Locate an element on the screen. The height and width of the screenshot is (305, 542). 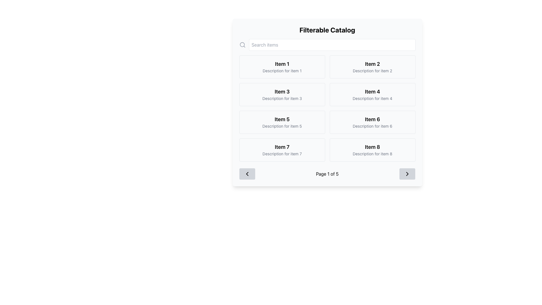
the card displaying an item in the catalog located in the second row and first column of the grid layout is located at coordinates (282, 94).